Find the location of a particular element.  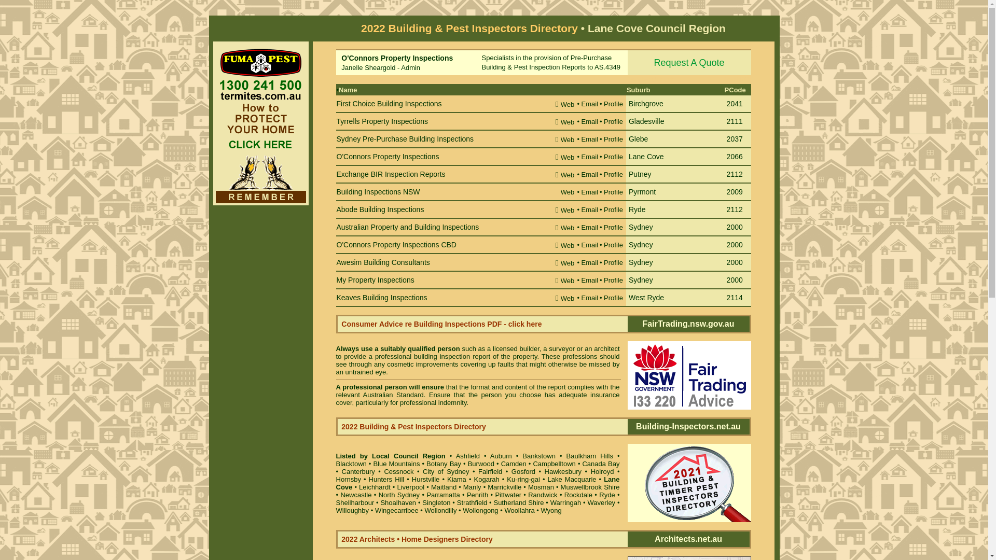

'Leichhardt' is located at coordinates (374, 487).